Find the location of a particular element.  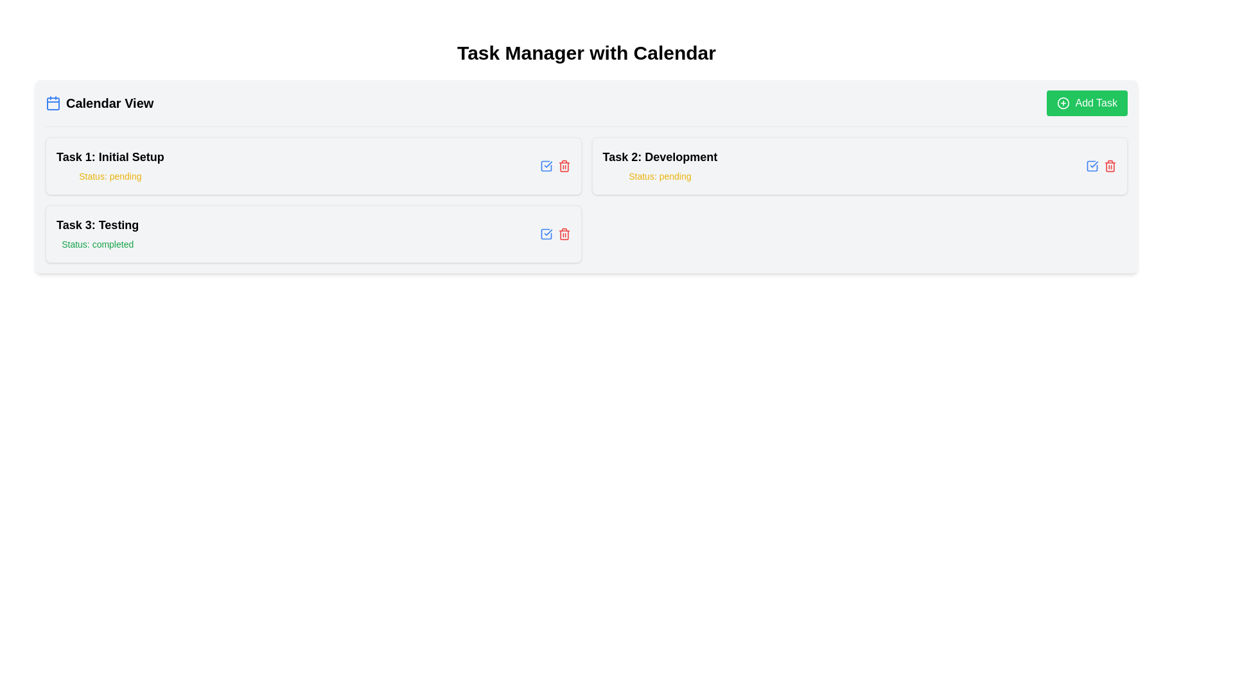

text content of the heading element that displays 'Task Manager with Calendar', which is a large bold text centered at the top of its section is located at coordinates (586, 53).